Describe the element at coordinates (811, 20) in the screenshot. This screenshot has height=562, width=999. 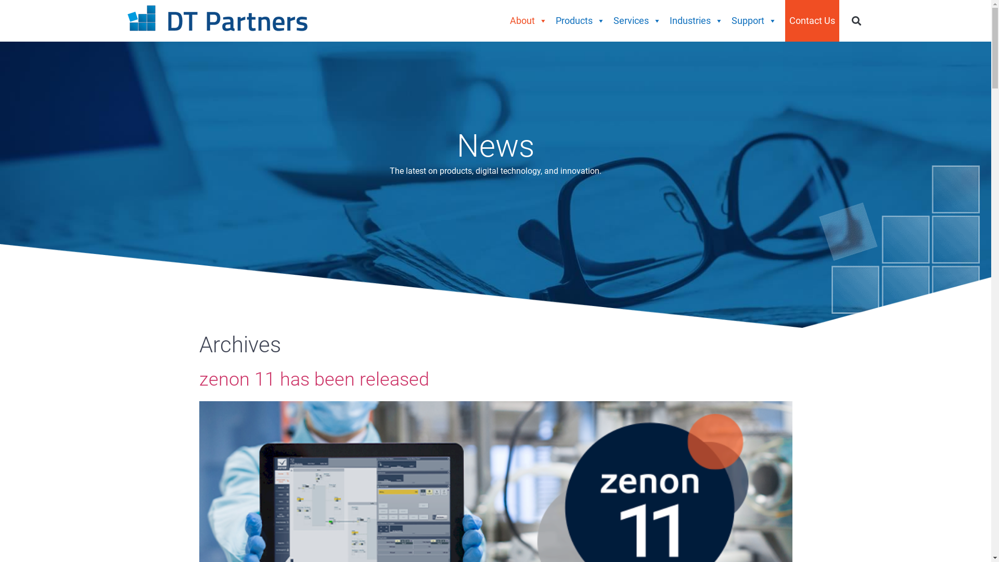
I see `'Contact Us'` at that location.